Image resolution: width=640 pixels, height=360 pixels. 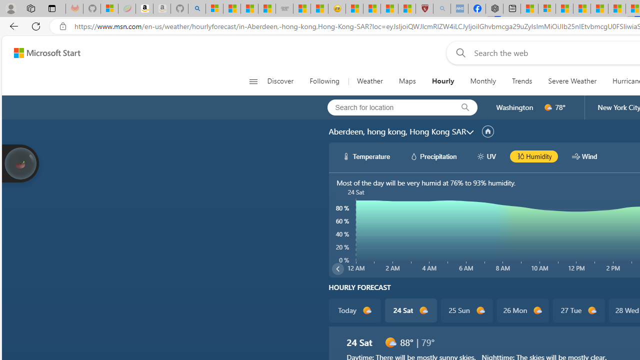 What do you see at coordinates (346, 156) in the screenshot?
I see `'hourlyChart/temperatureWhite'` at bounding box center [346, 156].